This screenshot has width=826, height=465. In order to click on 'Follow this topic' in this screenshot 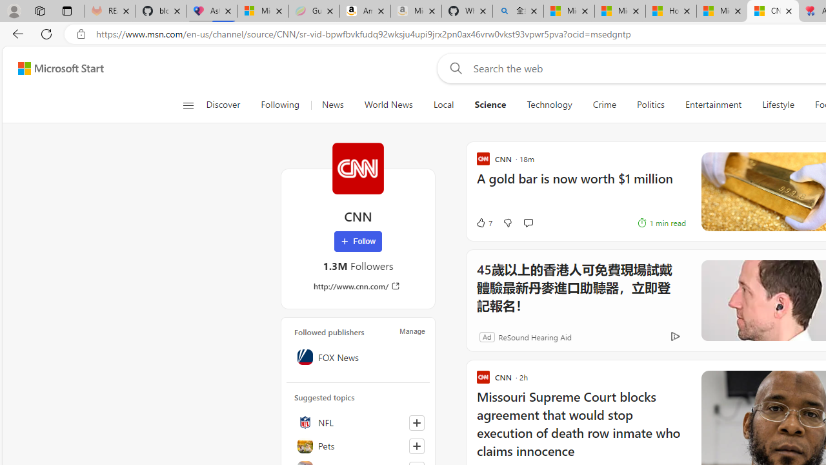, I will do `click(416, 445)`.